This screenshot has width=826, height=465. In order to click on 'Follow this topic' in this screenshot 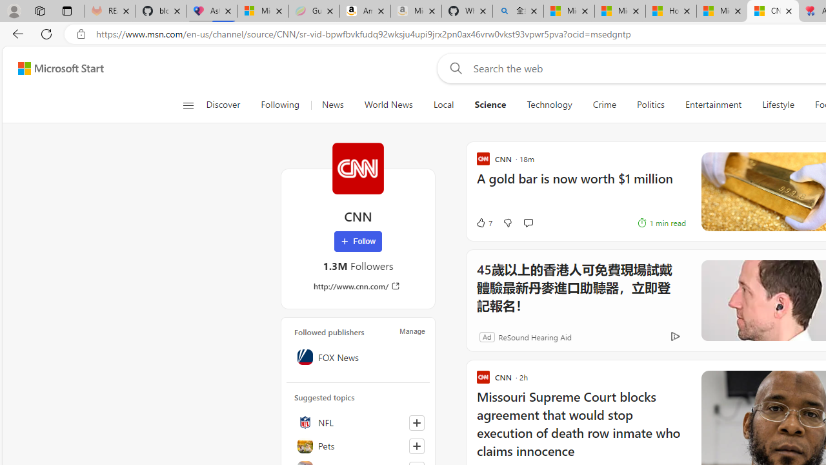, I will do `click(416, 445)`.